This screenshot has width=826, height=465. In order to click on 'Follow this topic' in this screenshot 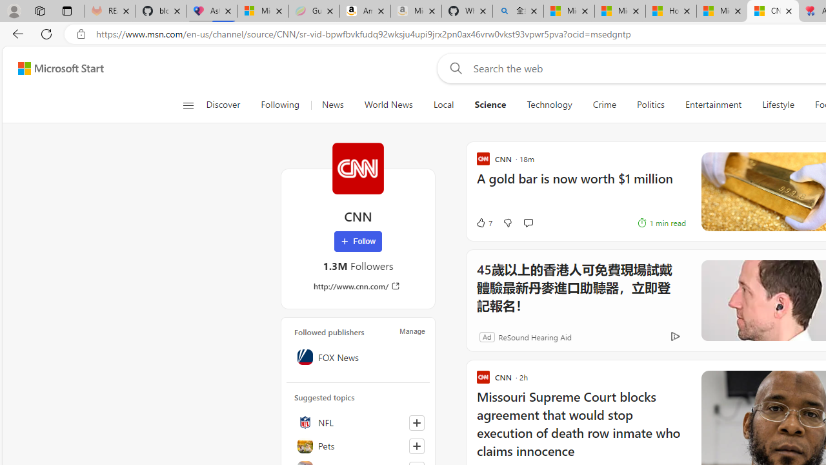, I will do `click(416, 445)`.